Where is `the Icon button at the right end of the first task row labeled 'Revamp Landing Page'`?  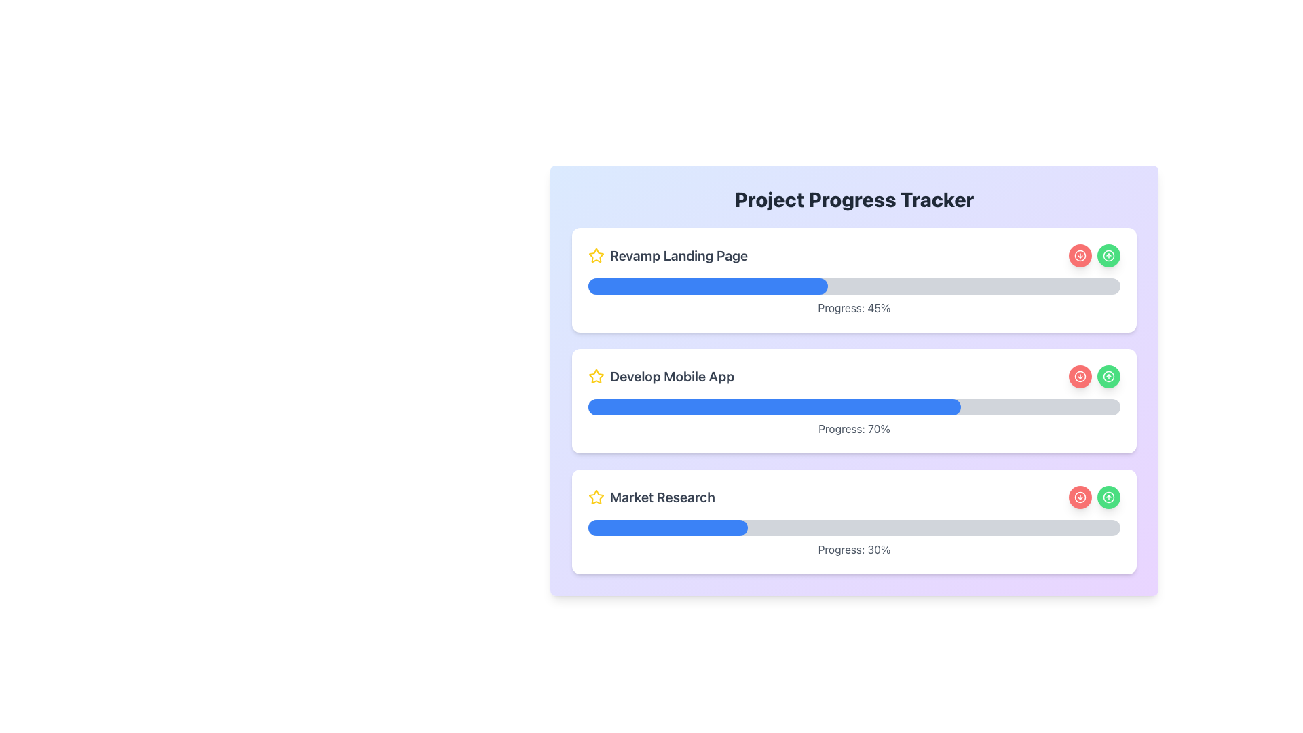
the Icon button at the right end of the first task row labeled 'Revamp Landing Page' is located at coordinates (1080, 256).